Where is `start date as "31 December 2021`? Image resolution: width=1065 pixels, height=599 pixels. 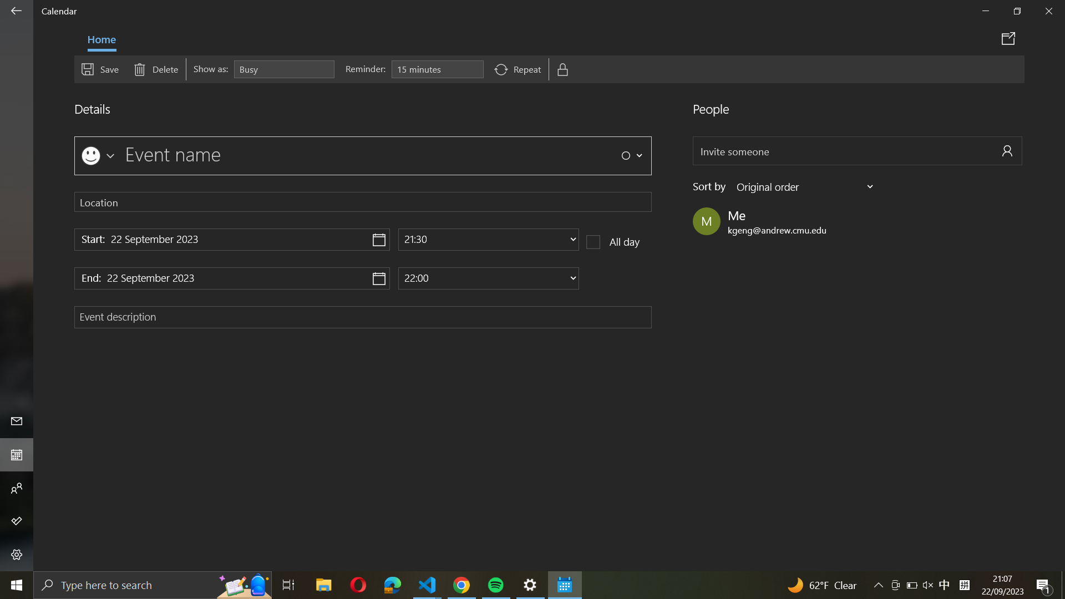
start date as "31 December 2021 is located at coordinates (231, 239).